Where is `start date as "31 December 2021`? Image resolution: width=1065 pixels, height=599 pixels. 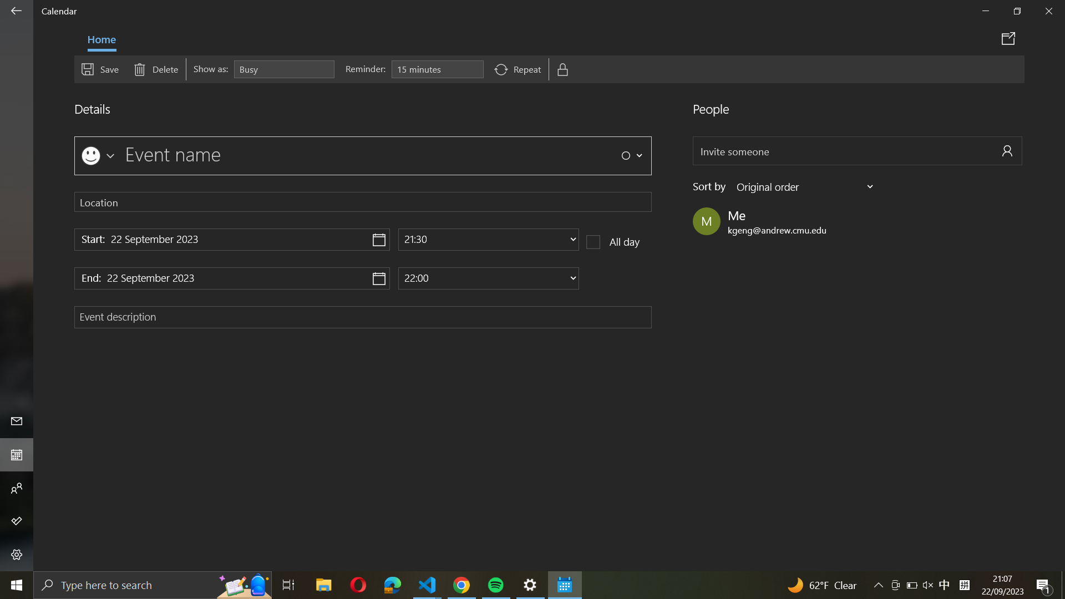
start date as "31 December 2021 is located at coordinates (231, 239).